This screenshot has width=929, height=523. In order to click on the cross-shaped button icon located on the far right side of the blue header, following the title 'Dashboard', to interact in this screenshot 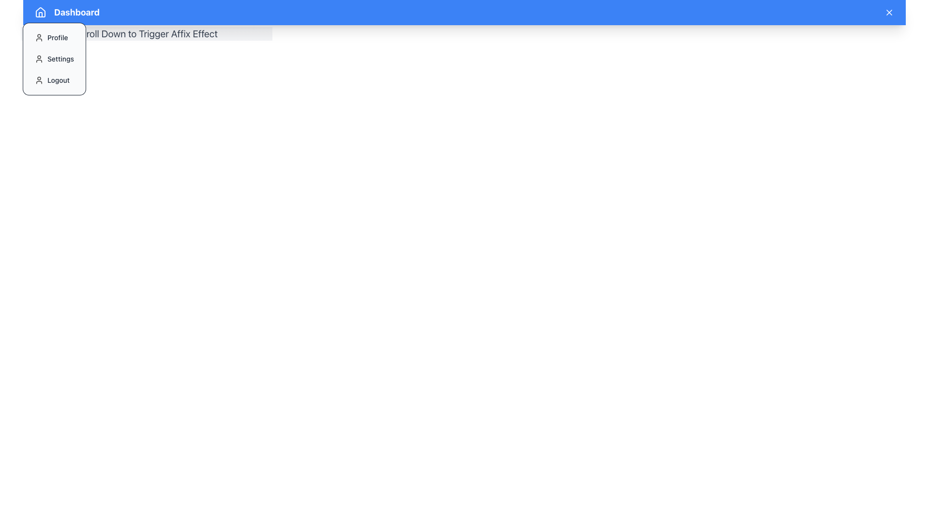, I will do `click(889, 13)`.